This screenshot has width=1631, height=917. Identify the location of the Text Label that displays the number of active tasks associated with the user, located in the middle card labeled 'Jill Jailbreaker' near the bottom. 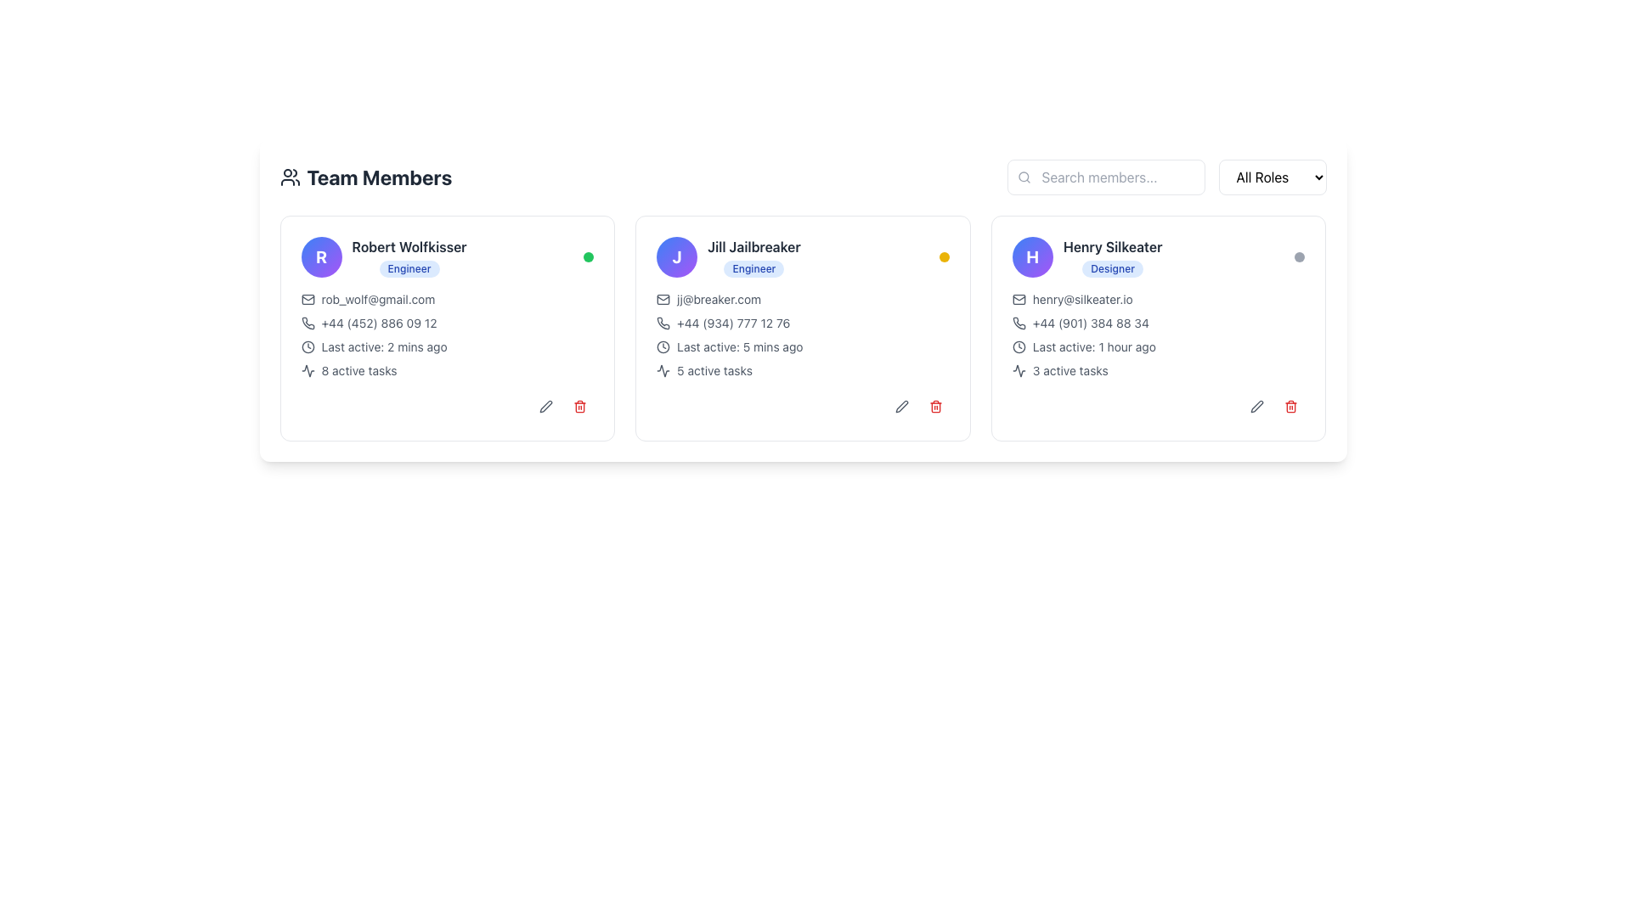
(714, 369).